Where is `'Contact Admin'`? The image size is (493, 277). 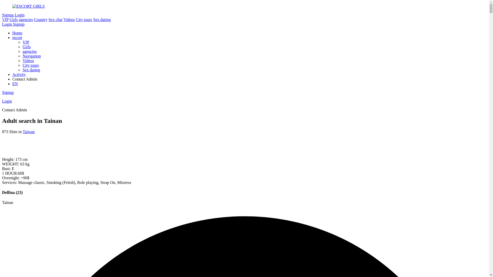 'Contact Admin' is located at coordinates (14, 110).